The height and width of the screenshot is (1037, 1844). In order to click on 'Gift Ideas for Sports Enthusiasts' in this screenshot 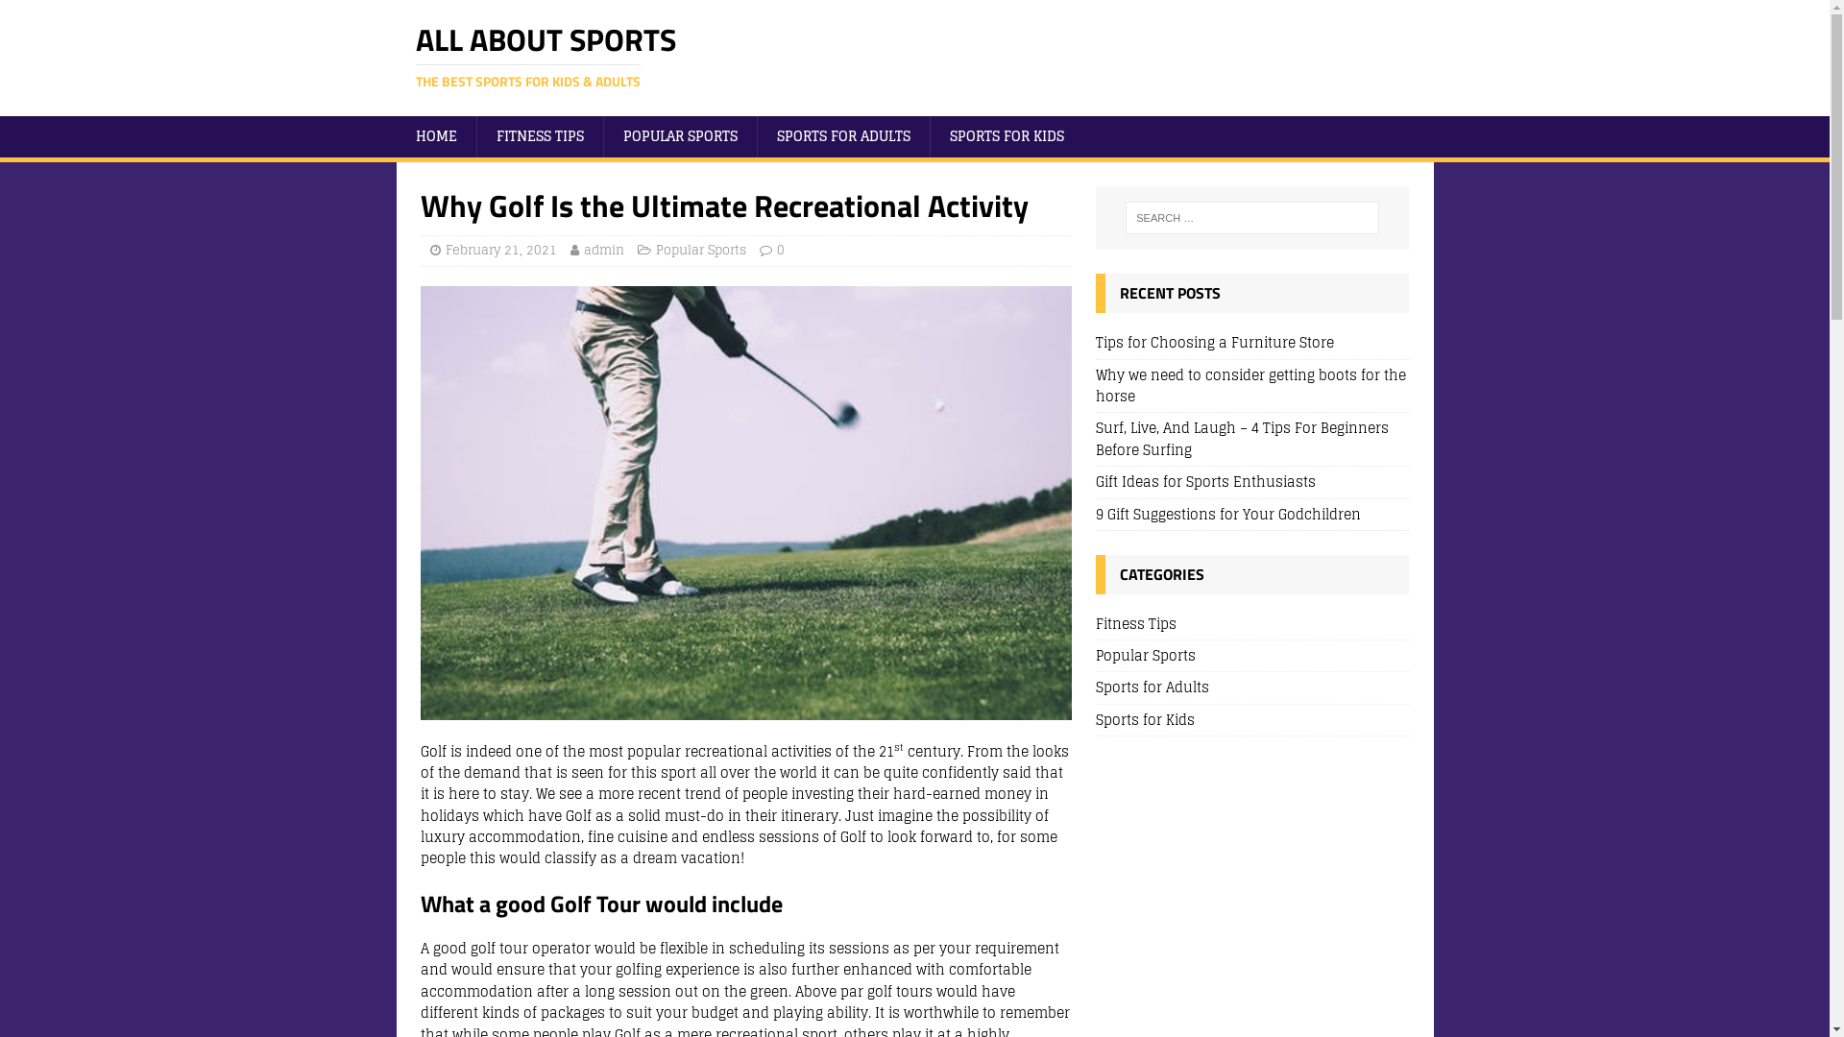, I will do `click(1096, 480)`.